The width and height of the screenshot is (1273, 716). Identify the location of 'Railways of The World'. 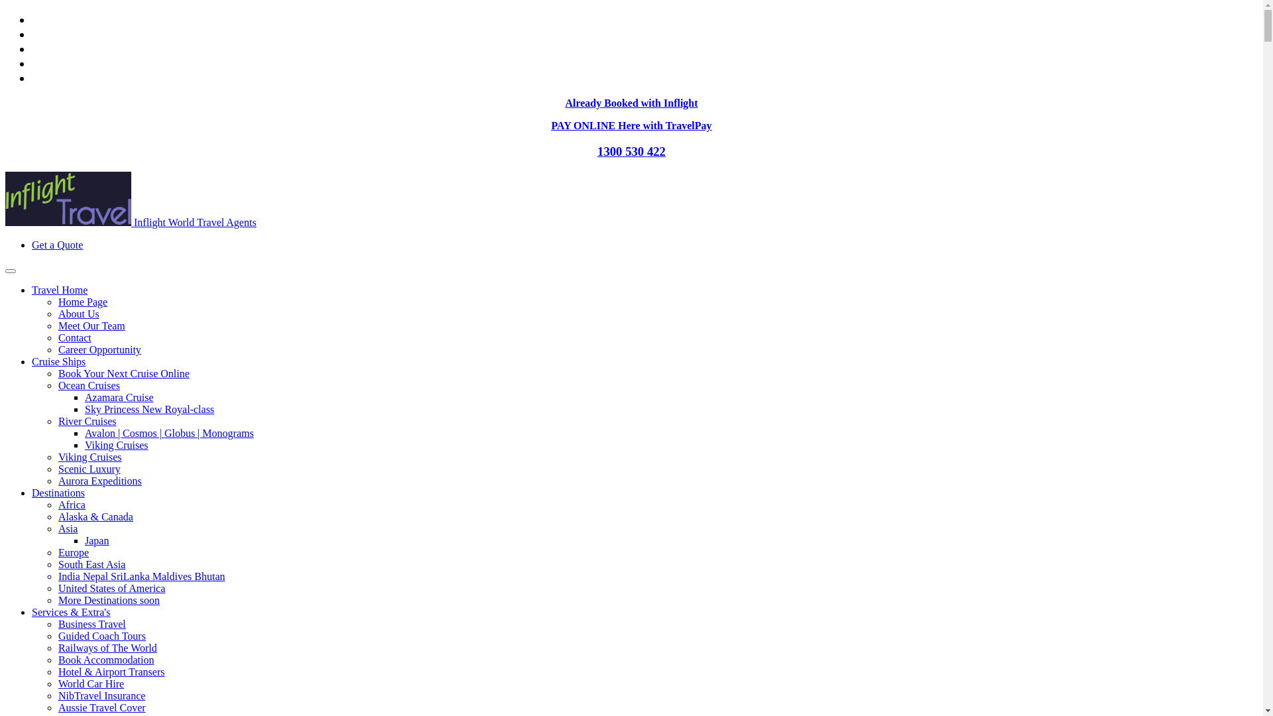
(107, 647).